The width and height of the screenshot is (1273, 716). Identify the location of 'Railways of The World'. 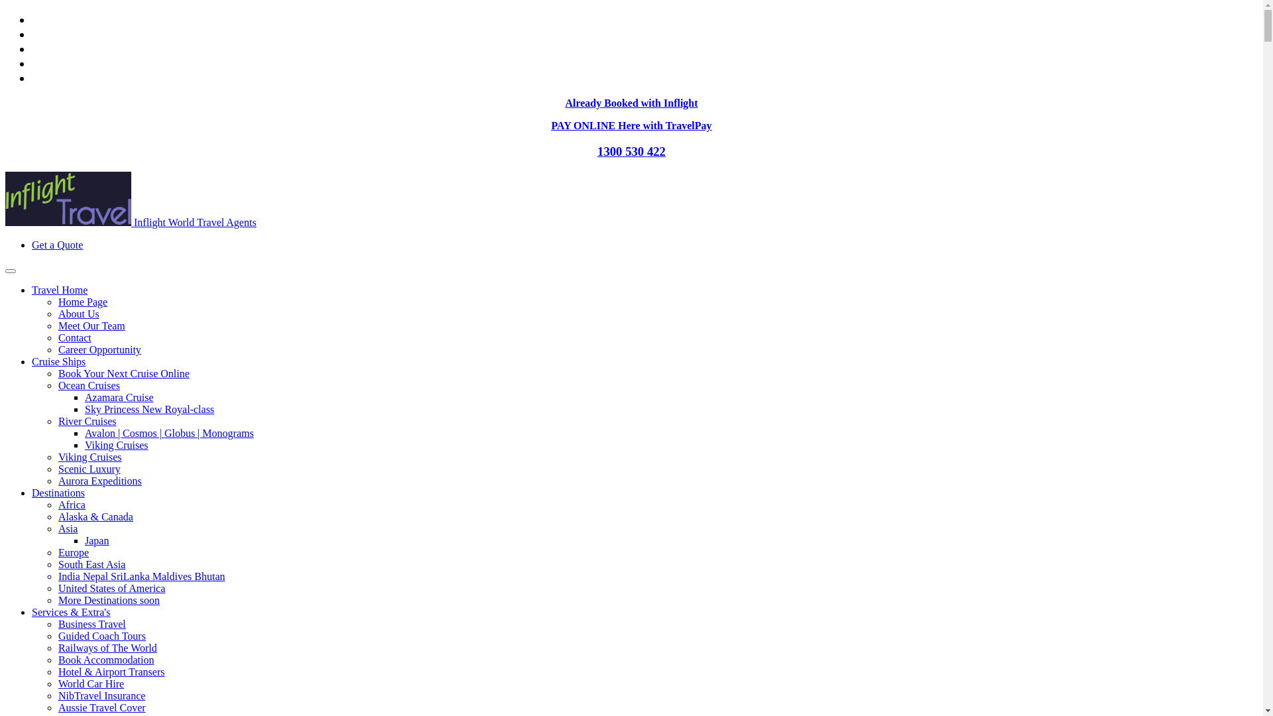
(107, 647).